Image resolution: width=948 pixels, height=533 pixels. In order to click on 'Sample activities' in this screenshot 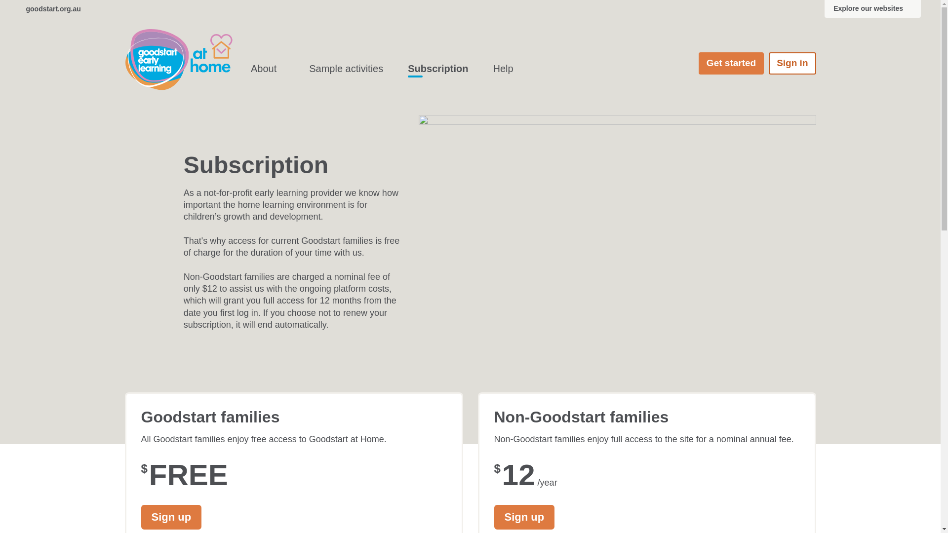, I will do `click(346, 68)`.